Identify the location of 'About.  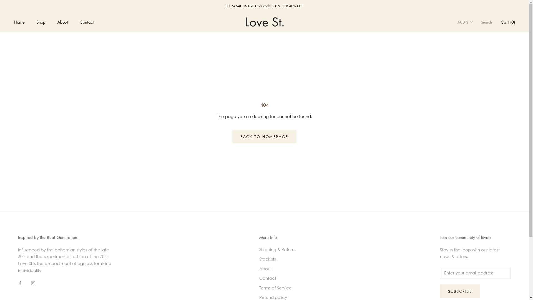
(62, 21).